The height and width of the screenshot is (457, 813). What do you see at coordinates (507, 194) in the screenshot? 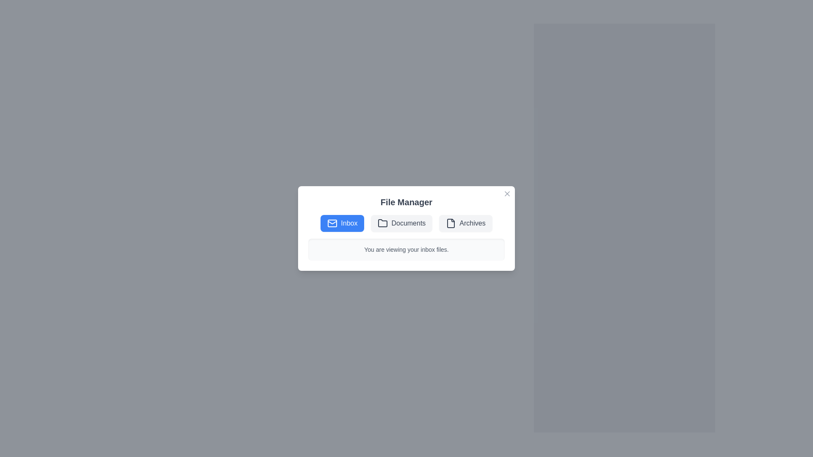
I see `the close button located in the upper-right corner of the 'File Manager' modal window to change its color to red` at bounding box center [507, 194].